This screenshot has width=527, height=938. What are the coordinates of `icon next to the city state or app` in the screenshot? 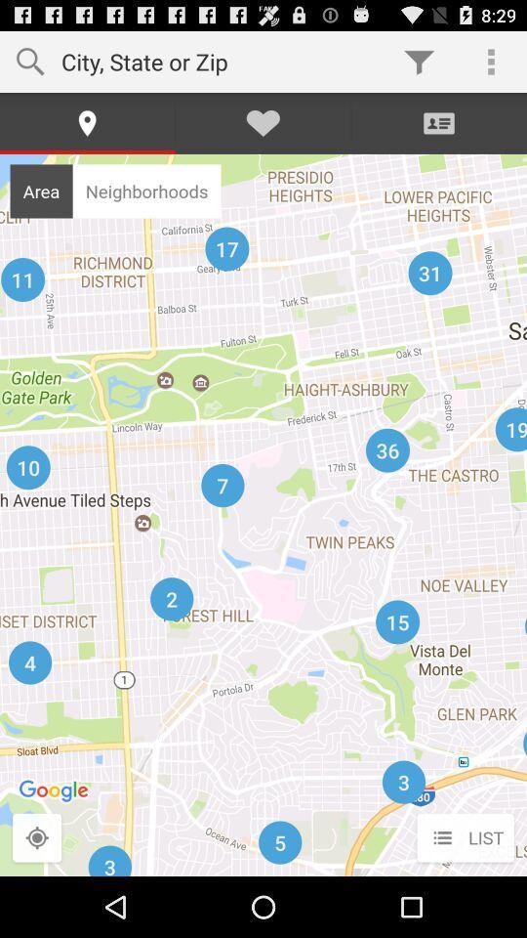 It's located at (418, 61).